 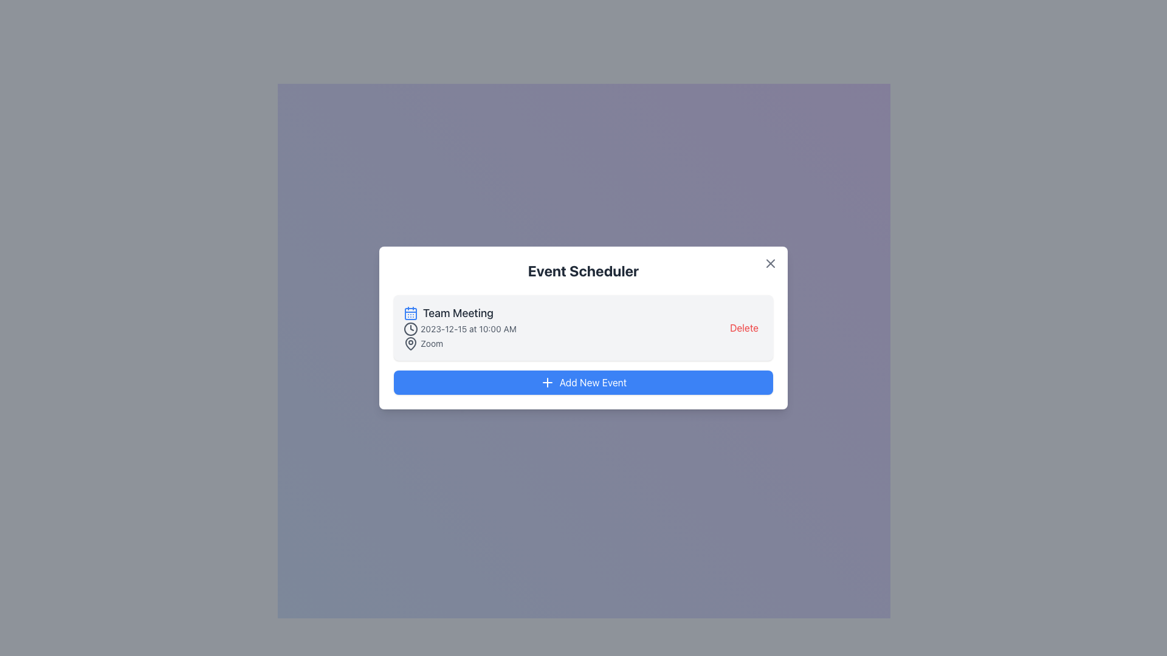 I want to click on scheduled date and time information of the 'Team Meeting' event displayed in the Text with an icon located in the 'Event Scheduler' modal, positioned below the 'Team Meeting' heading and above the 'Zoom' label, so click(x=459, y=329).